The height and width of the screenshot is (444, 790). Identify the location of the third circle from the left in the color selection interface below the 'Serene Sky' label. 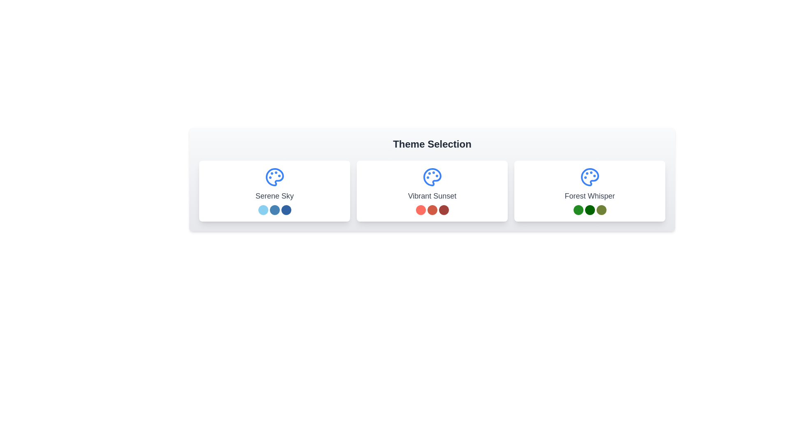
(286, 209).